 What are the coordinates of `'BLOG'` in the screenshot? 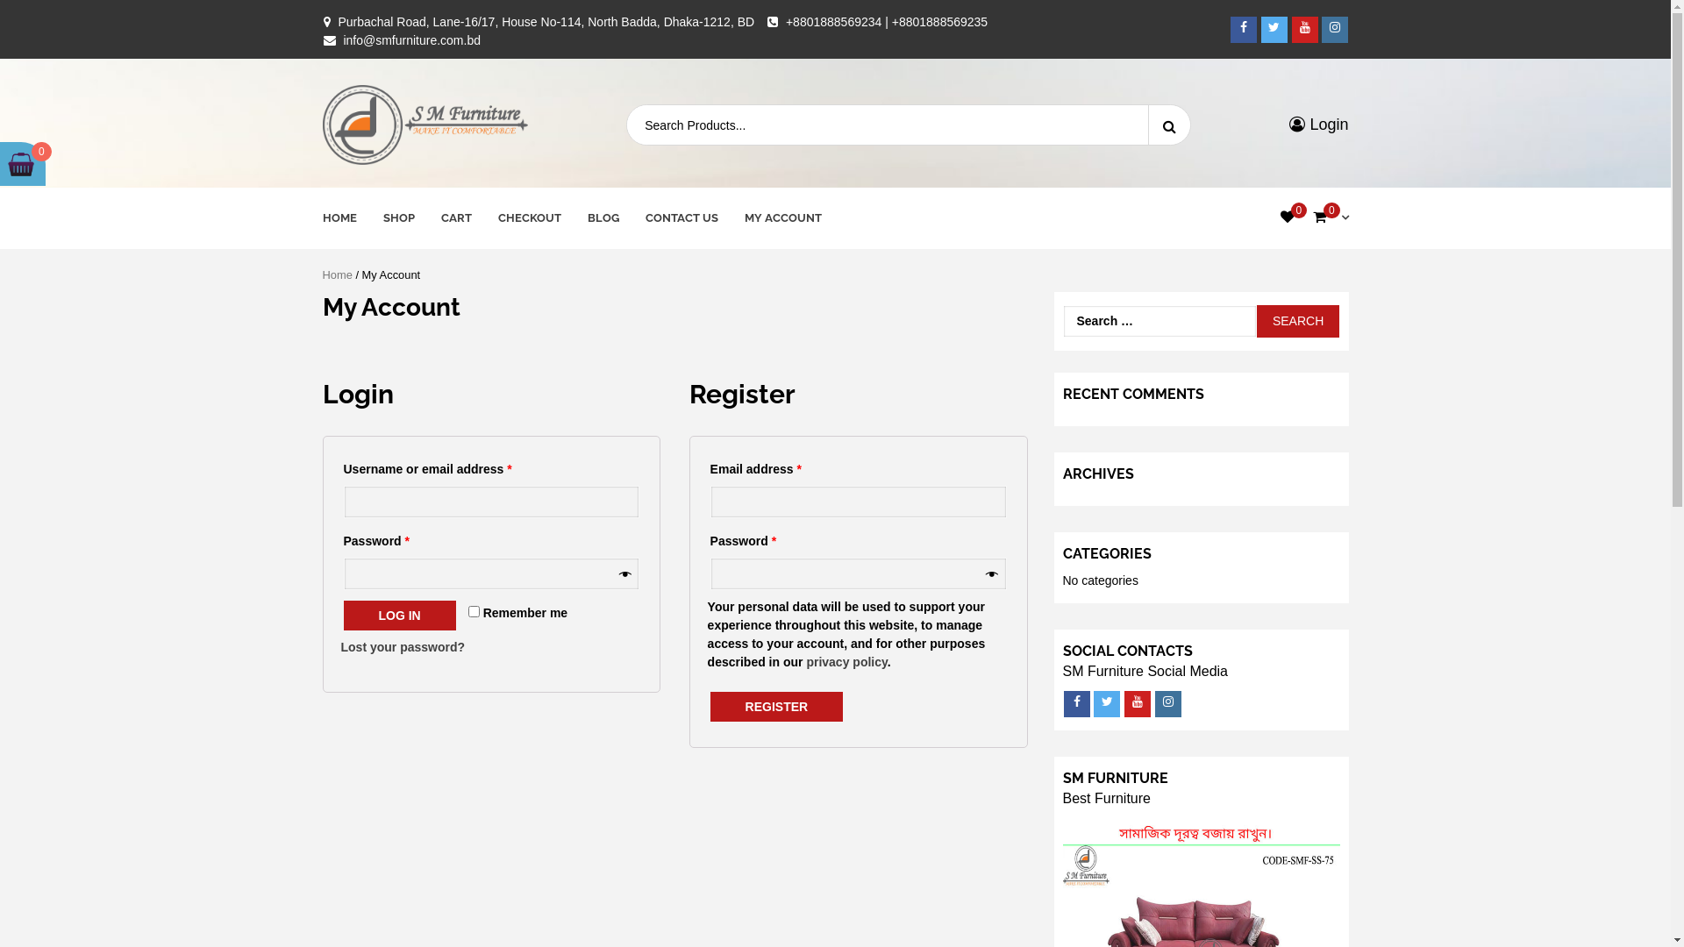 It's located at (603, 217).